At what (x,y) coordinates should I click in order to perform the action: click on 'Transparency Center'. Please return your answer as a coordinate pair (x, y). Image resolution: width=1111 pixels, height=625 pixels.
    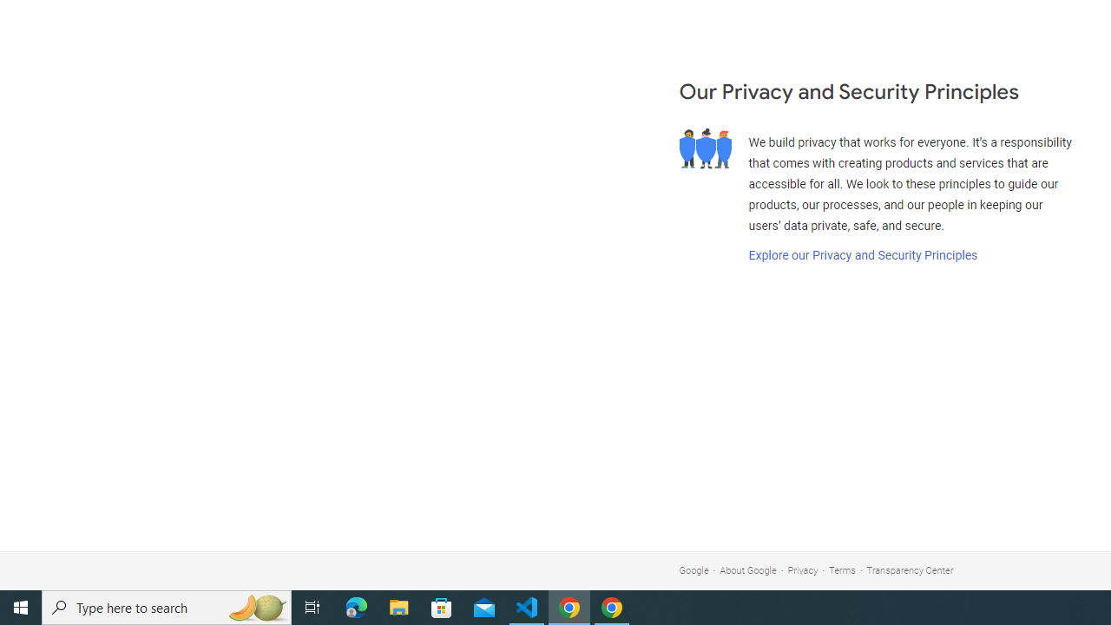
    Looking at the image, I should click on (909, 570).